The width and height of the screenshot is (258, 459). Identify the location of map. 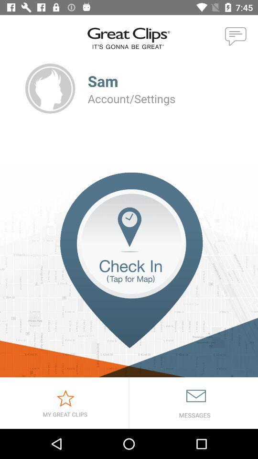
(129, 275).